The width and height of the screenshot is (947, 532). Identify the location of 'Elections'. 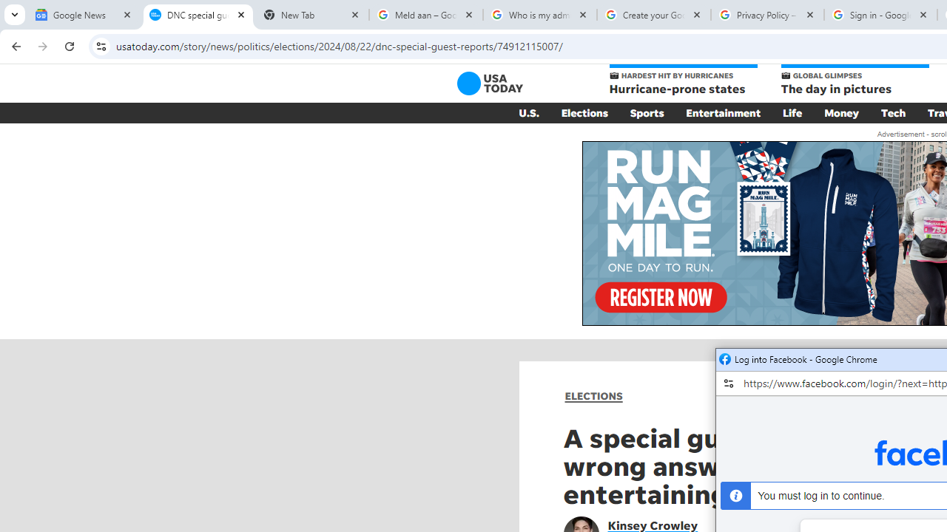
(583, 112).